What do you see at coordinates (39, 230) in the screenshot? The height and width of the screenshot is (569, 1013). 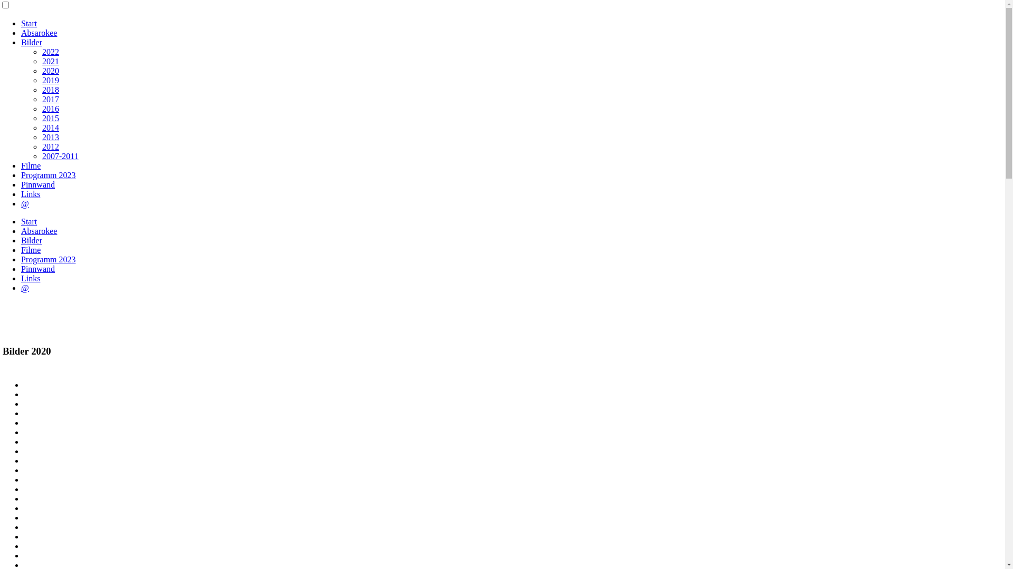 I see `'Absarokee'` at bounding box center [39, 230].